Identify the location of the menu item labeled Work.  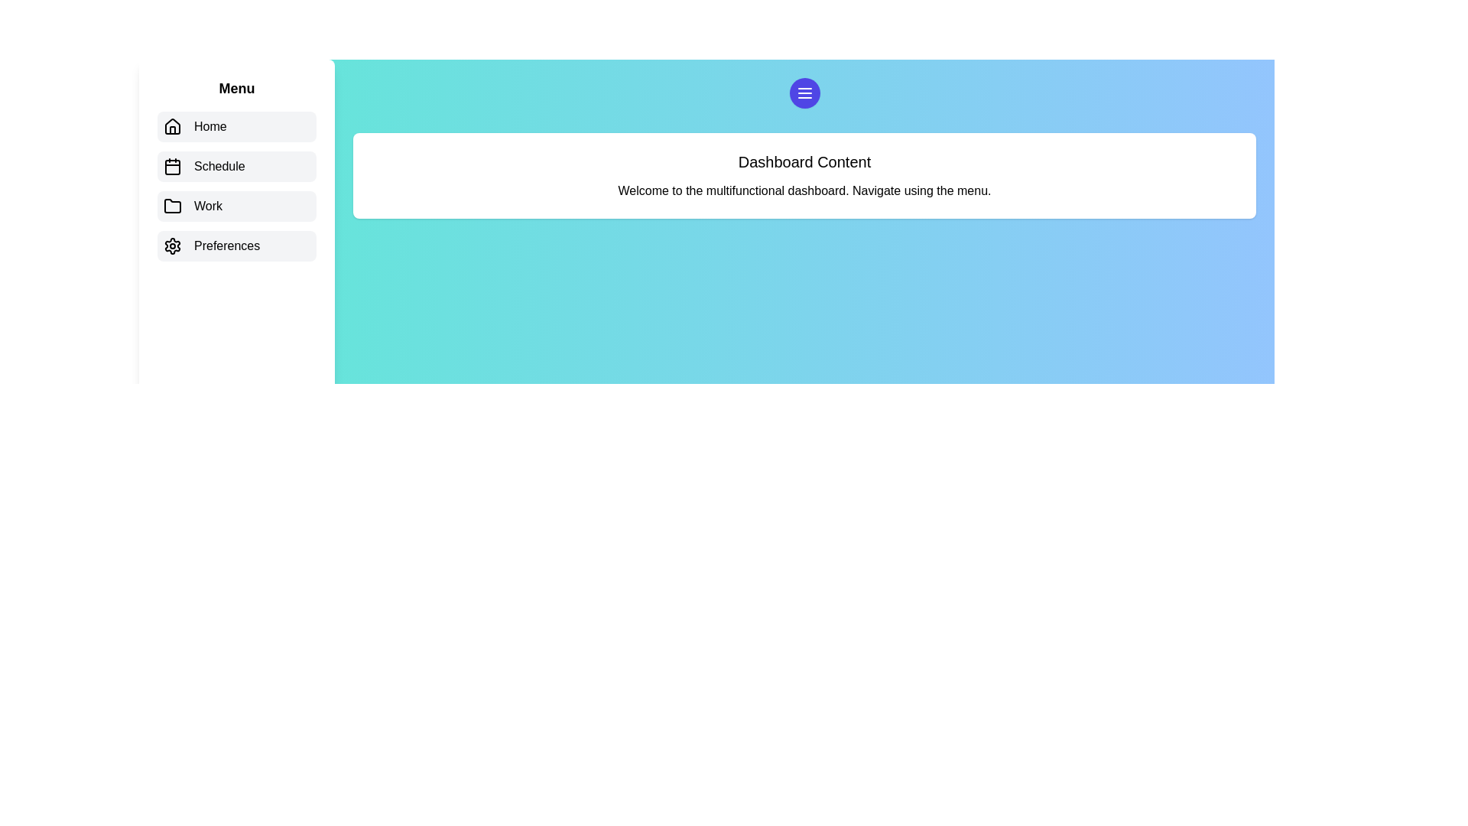
(236, 206).